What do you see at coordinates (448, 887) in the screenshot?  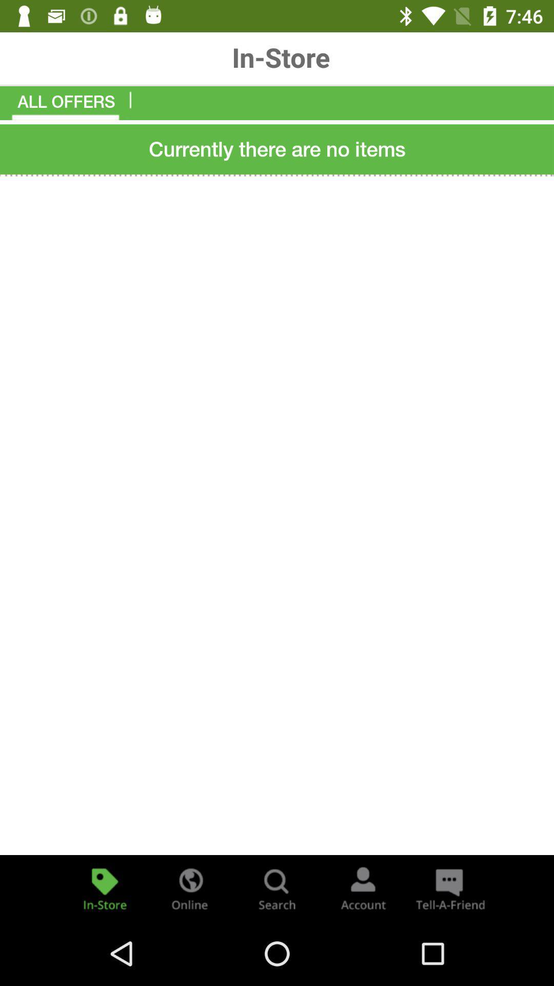 I see `share` at bounding box center [448, 887].